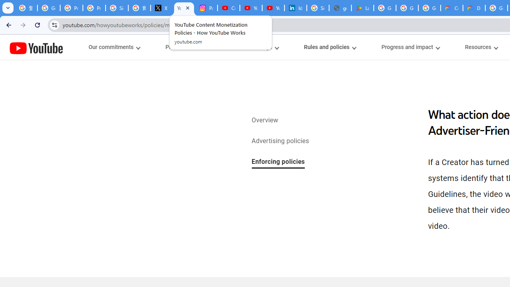 This screenshot has width=510, height=287. I want to click on 'Identity verification via Persona | LinkedIn Help', so click(295, 8).